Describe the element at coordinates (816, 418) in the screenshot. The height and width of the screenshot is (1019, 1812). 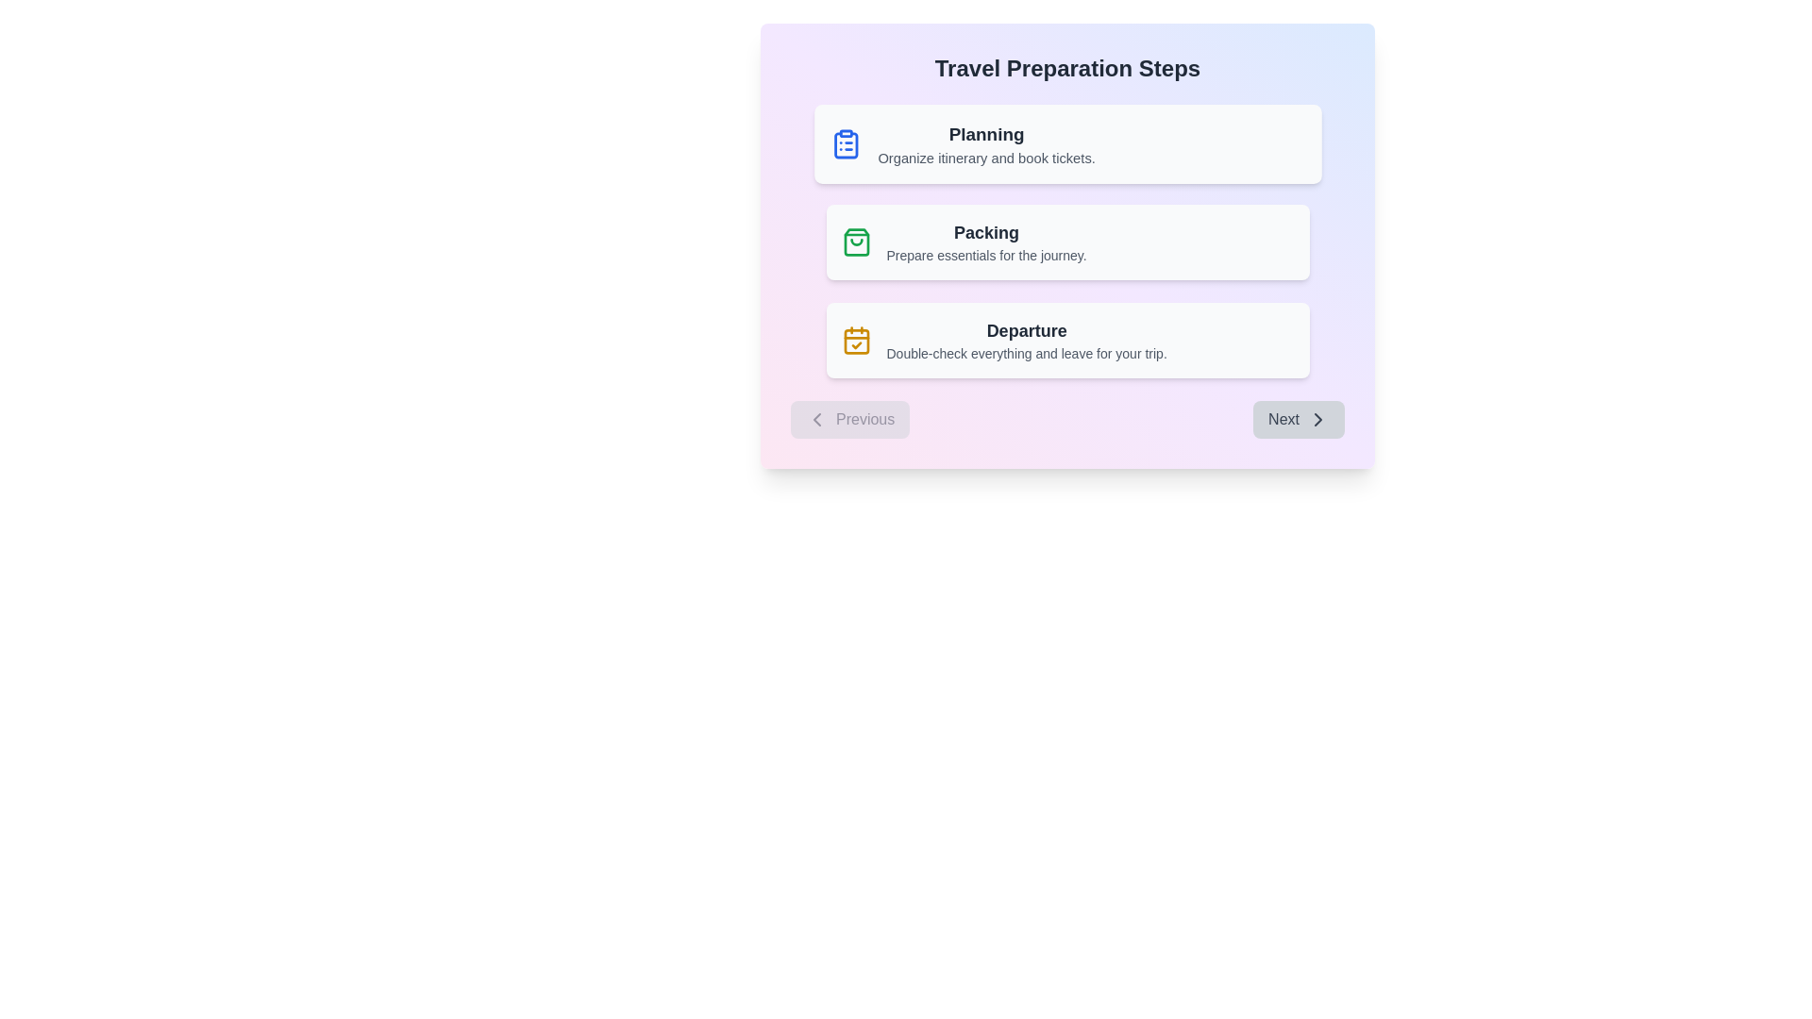
I see `the left-facing chevron icon associated with the 'Previous' button located at the bottom left corner of the interface` at that location.